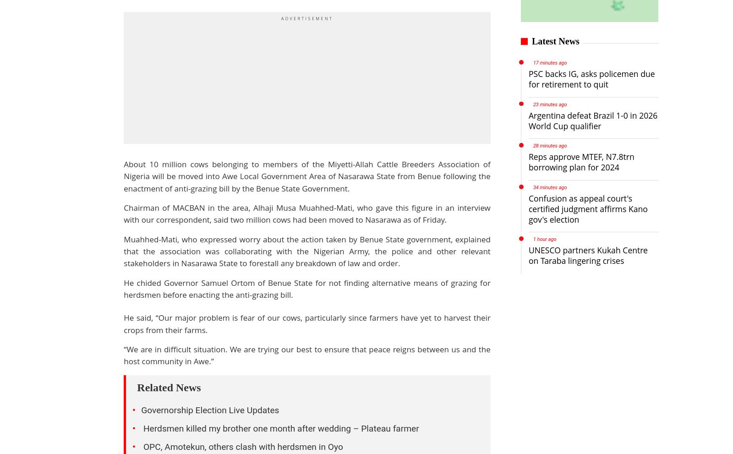 Image resolution: width=733 pixels, height=454 pixels. What do you see at coordinates (295, 377) in the screenshot?
I see `'Campus Champion'` at bounding box center [295, 377].